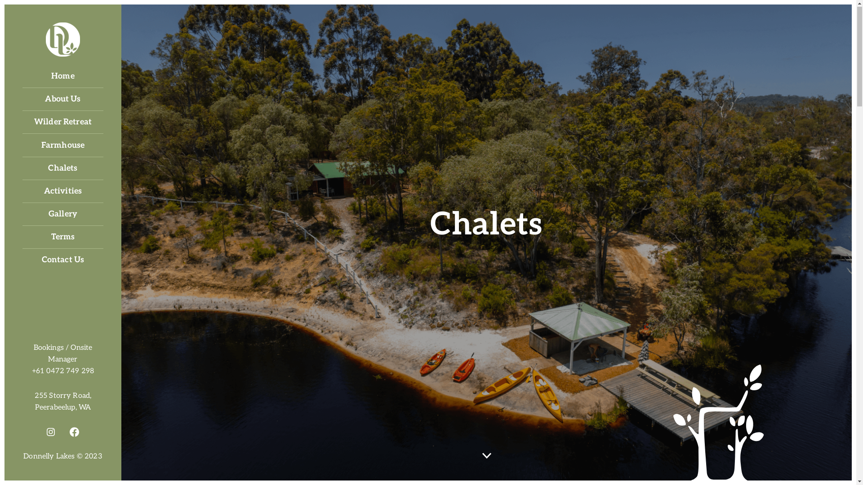 This screenshot has width=863, height=485. Describe the element at coordinates (62, 401) in the screenshot. I see `'255 Storry Road, Peerabeelup, WA'` at that location.